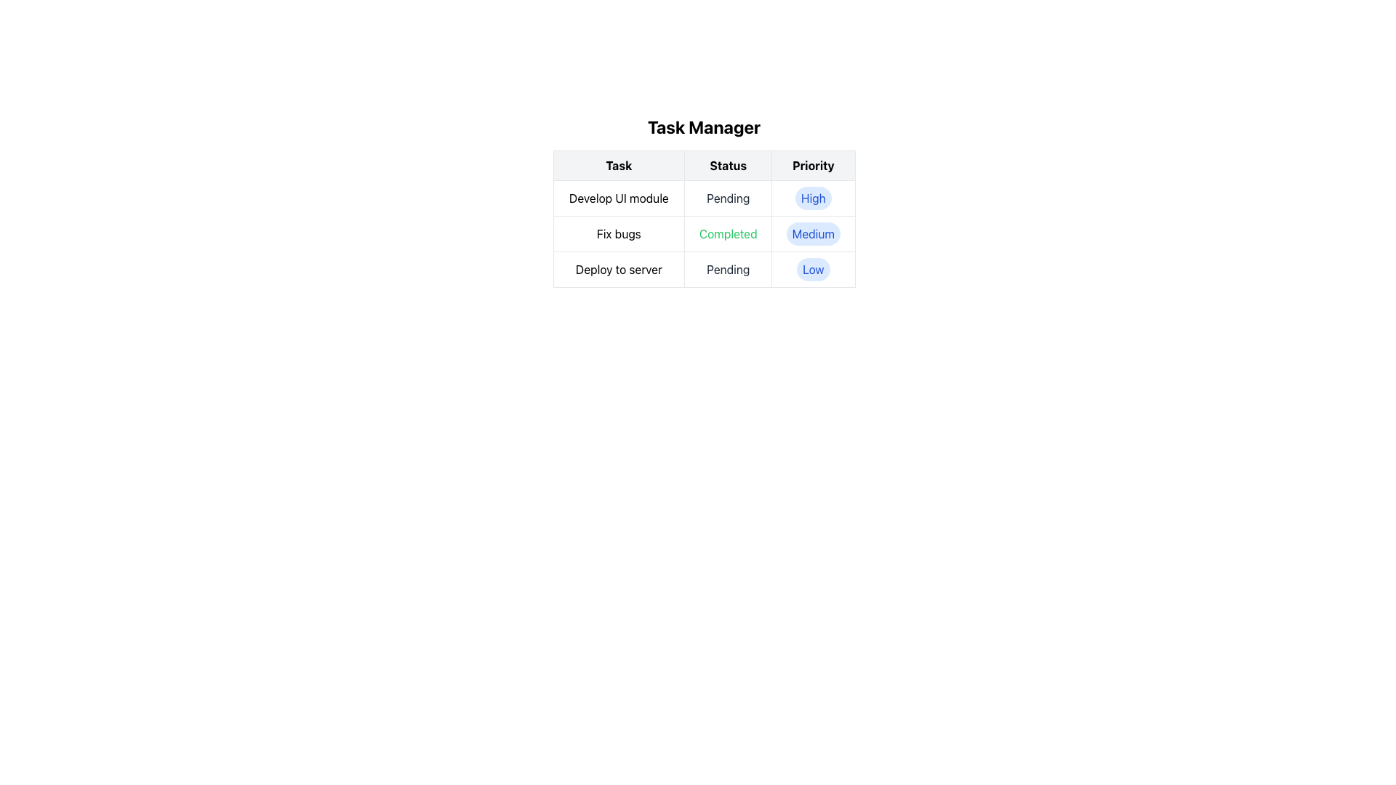  I want to click on the UI chip element styled as a button that indicates the priority of the 'Fix bugs' task in the 'Priority' column of the second row of the table, so click(812, 233).